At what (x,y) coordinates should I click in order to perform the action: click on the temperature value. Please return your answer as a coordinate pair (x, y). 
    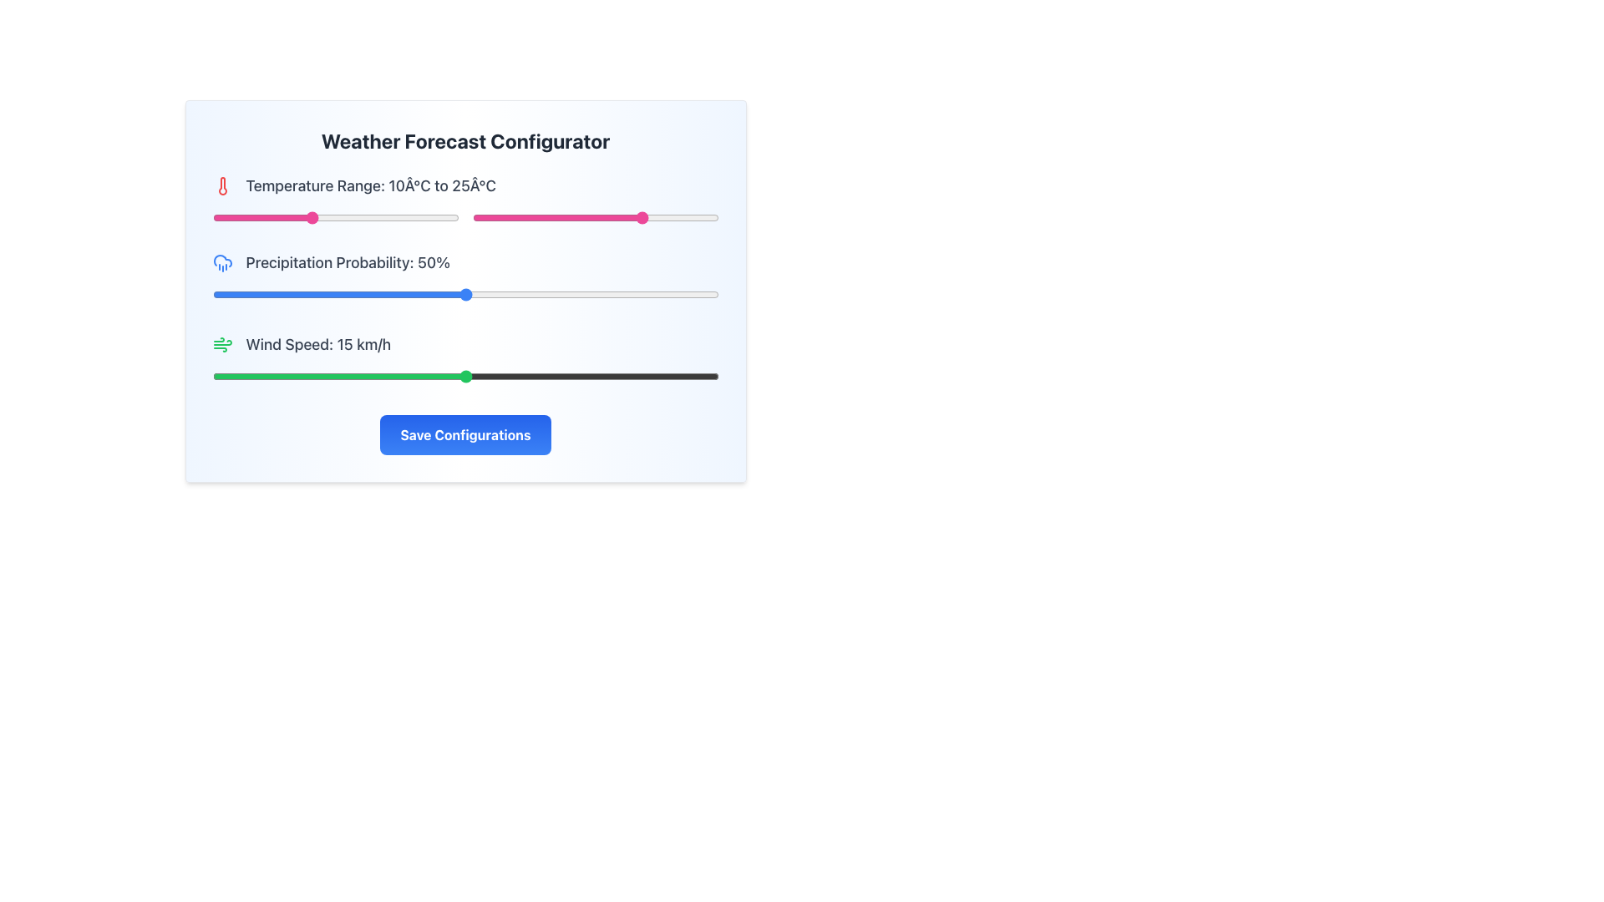
    Looking at the image, I should click on (600, 217).